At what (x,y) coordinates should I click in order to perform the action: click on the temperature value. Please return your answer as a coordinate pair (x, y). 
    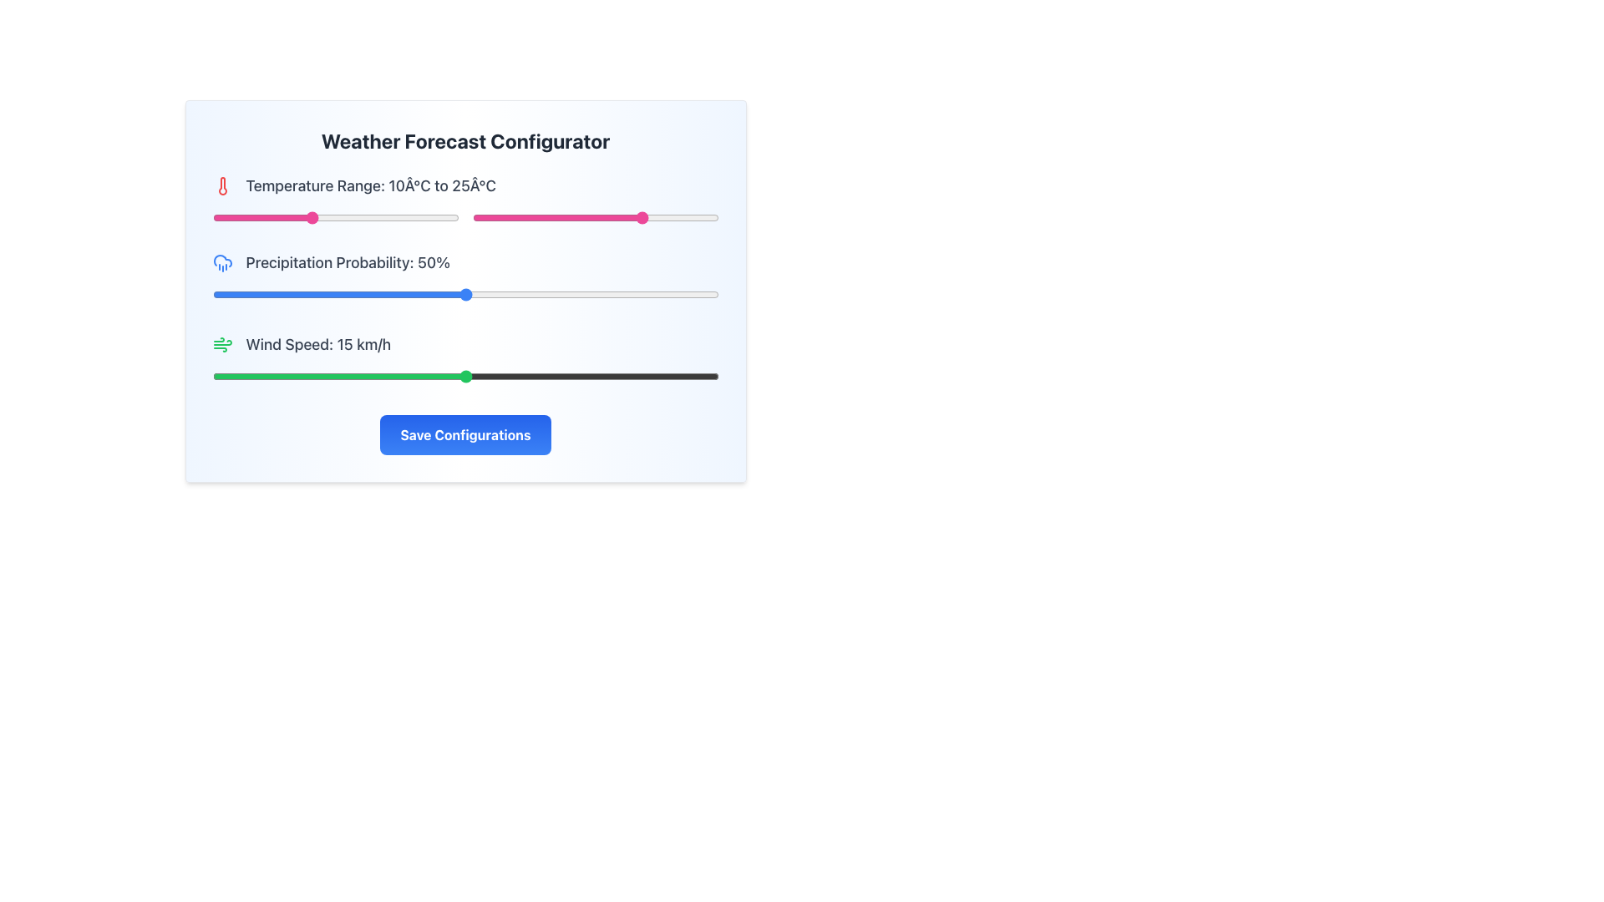
    Looking at the image, I should click on (600, 217).